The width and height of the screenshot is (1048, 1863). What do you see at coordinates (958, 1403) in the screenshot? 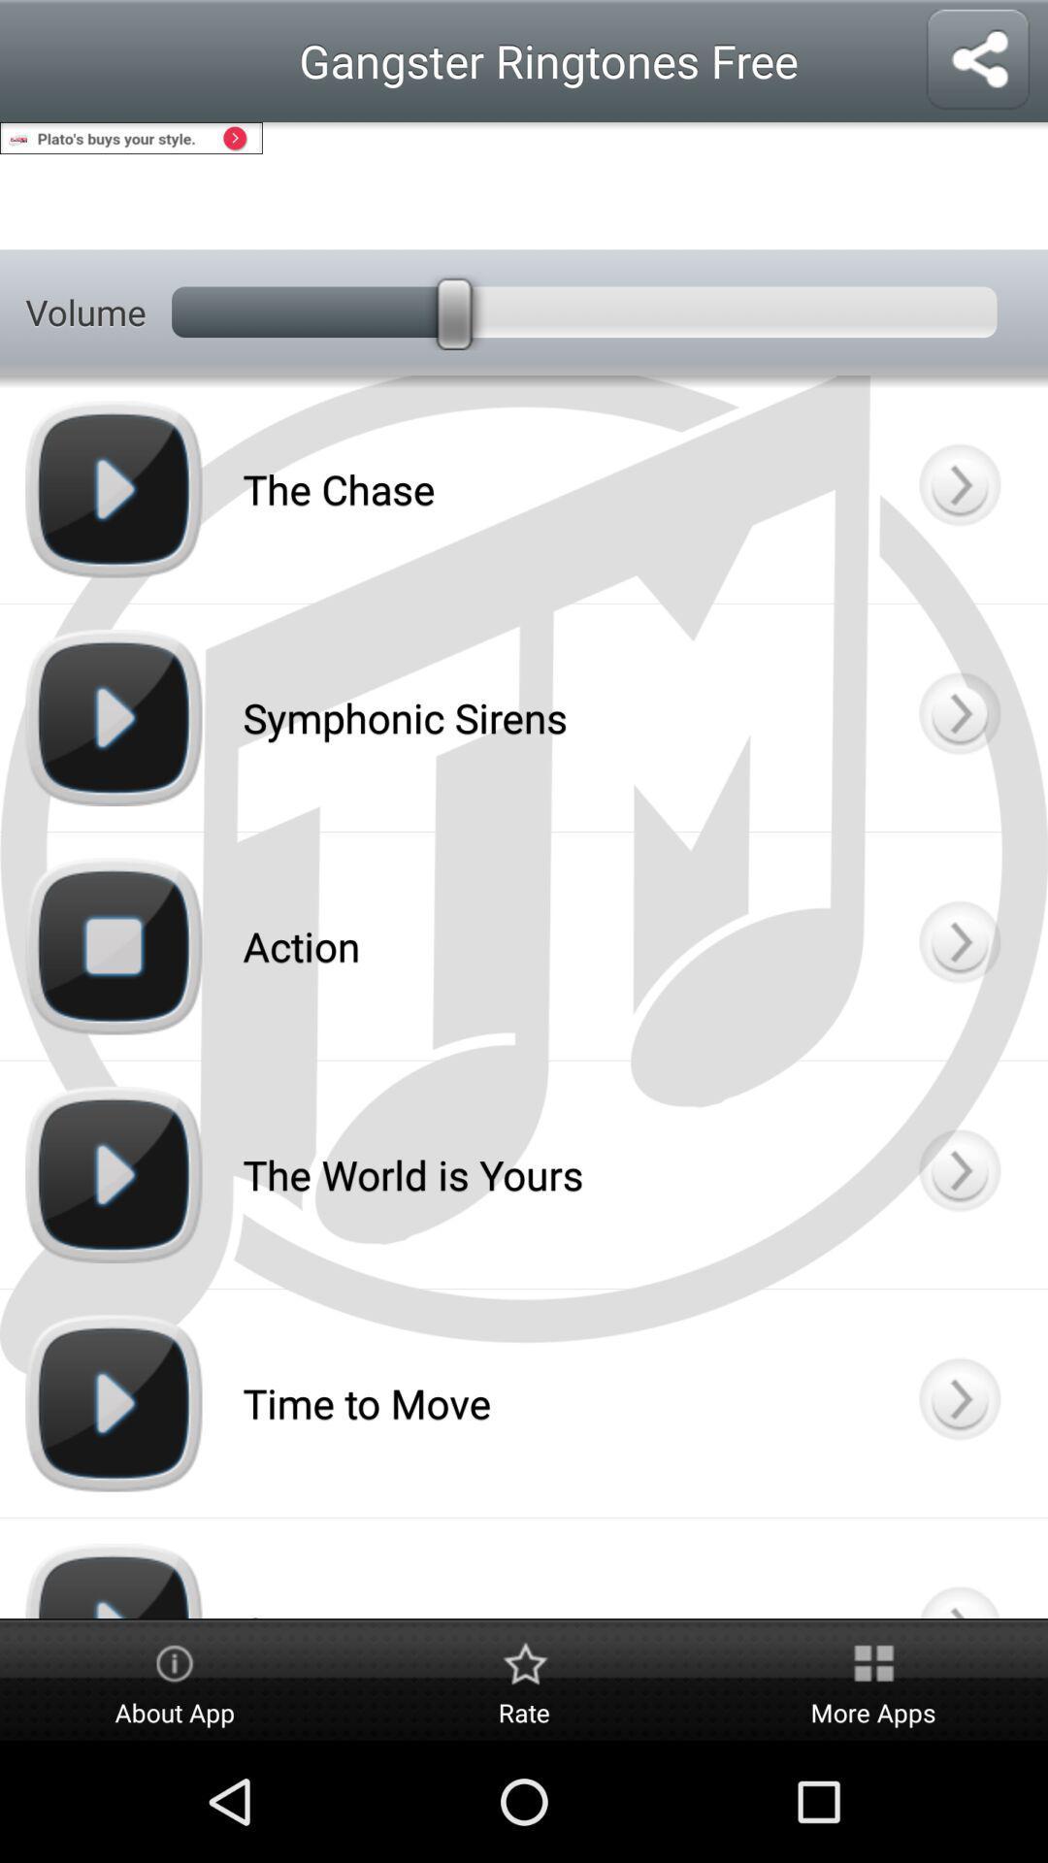
I see `ringtone` at bounding box center [958, 1403].